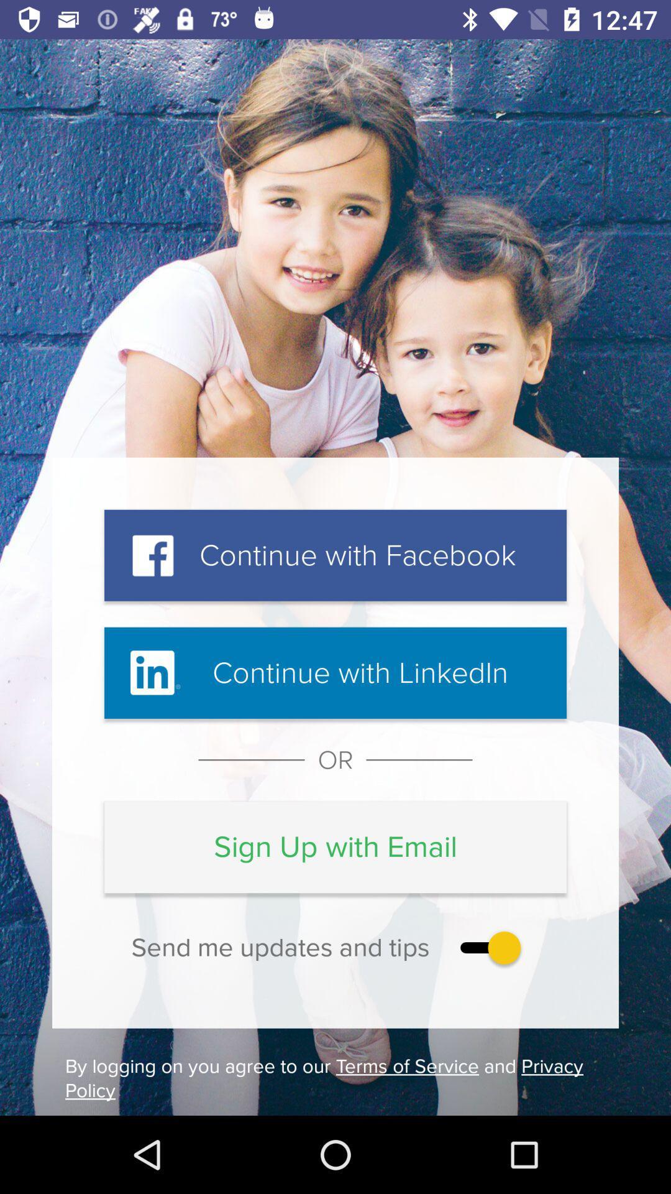  What do you see at coordinates (487, 946) in the screenshot?
I see `tips` at bounding box center [487, 946].